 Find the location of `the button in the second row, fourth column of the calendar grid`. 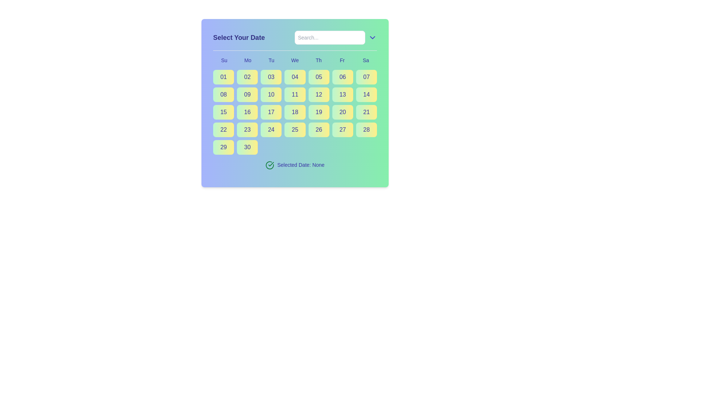

the button in the second row, fourth column of the calendar grid is located at coordinates (271, 94).